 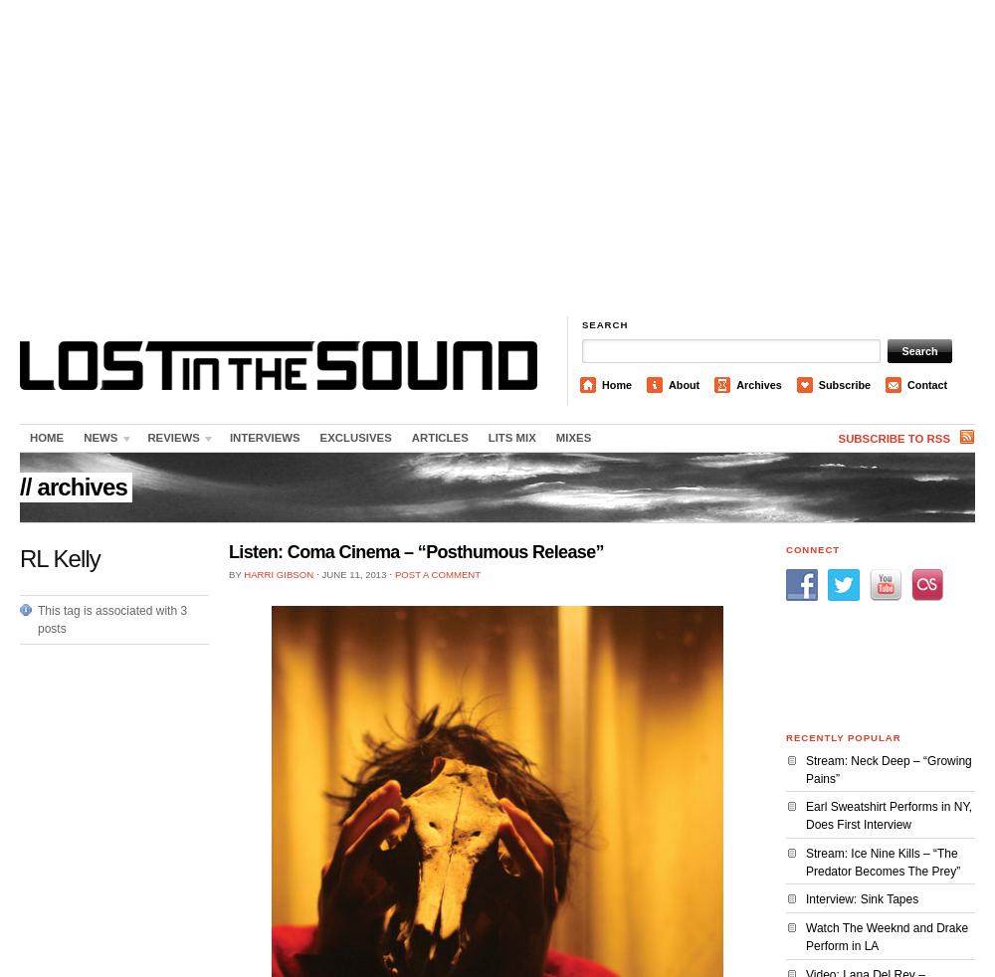 What do you see at coordinates (352, 573) in the screenshot?
I see `'June 11, 2013'` at bounding box center [352, 573].